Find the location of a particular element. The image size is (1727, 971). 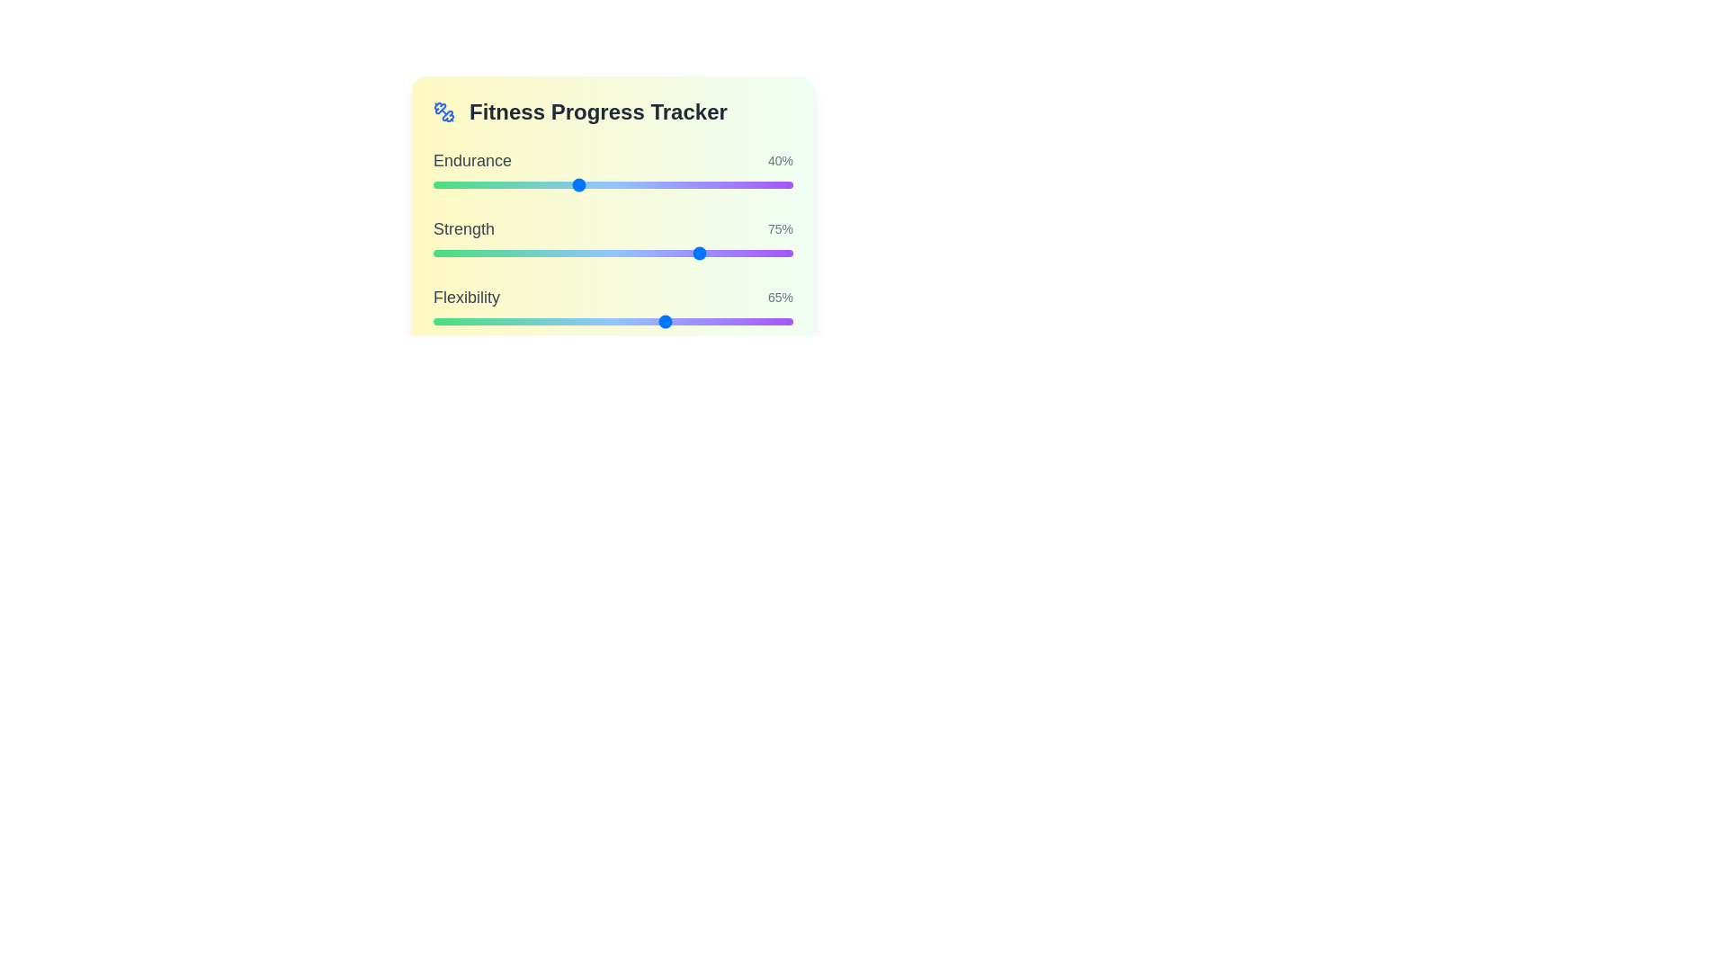

flexibility percentage is located at coordinates (584, 321).